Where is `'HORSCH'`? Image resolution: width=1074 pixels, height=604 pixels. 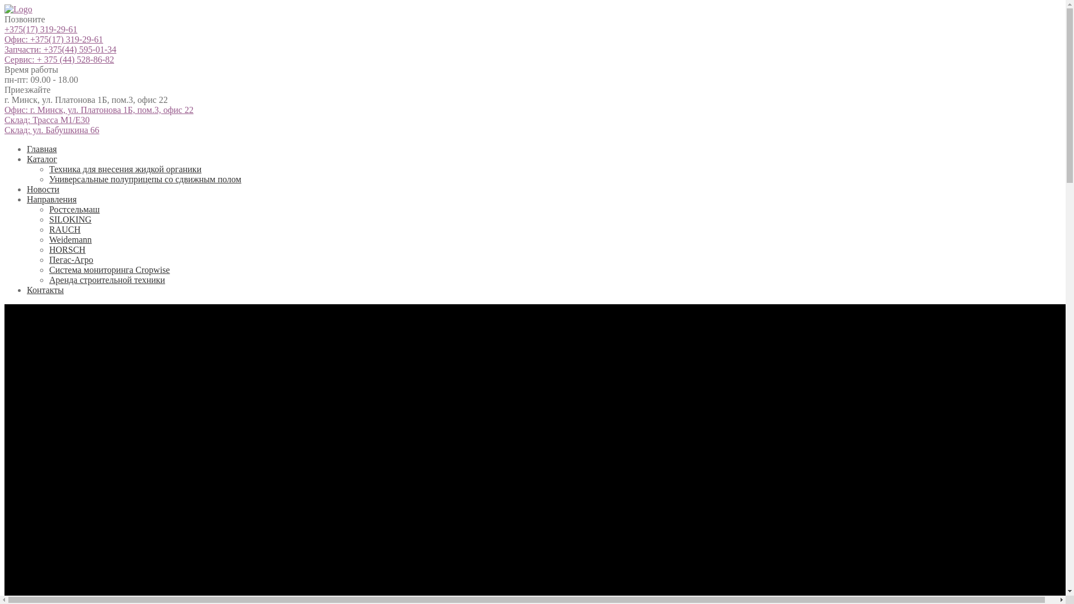 'HORSCH' is located at coordinates (67, 249).